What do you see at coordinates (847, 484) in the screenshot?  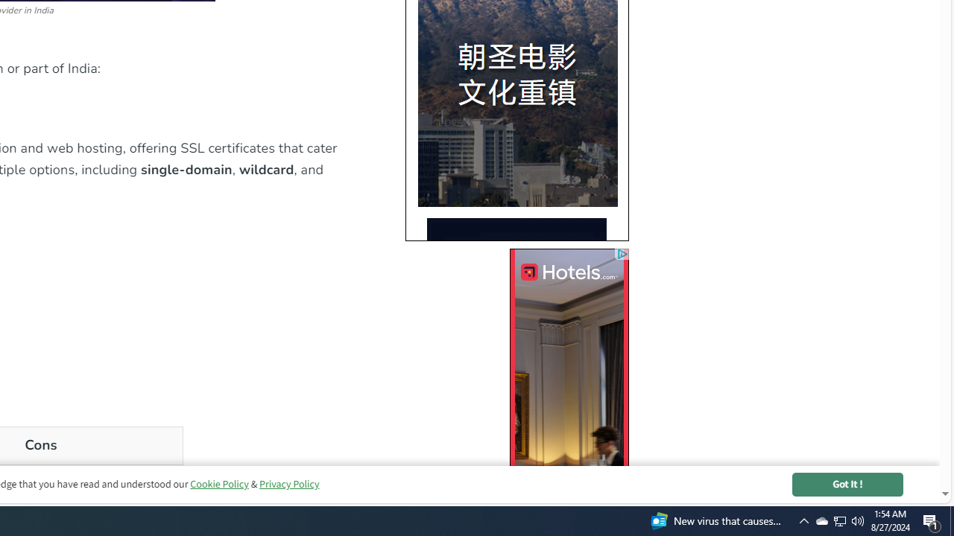 I see `'Got It !'` at bounding box center [847, 484].